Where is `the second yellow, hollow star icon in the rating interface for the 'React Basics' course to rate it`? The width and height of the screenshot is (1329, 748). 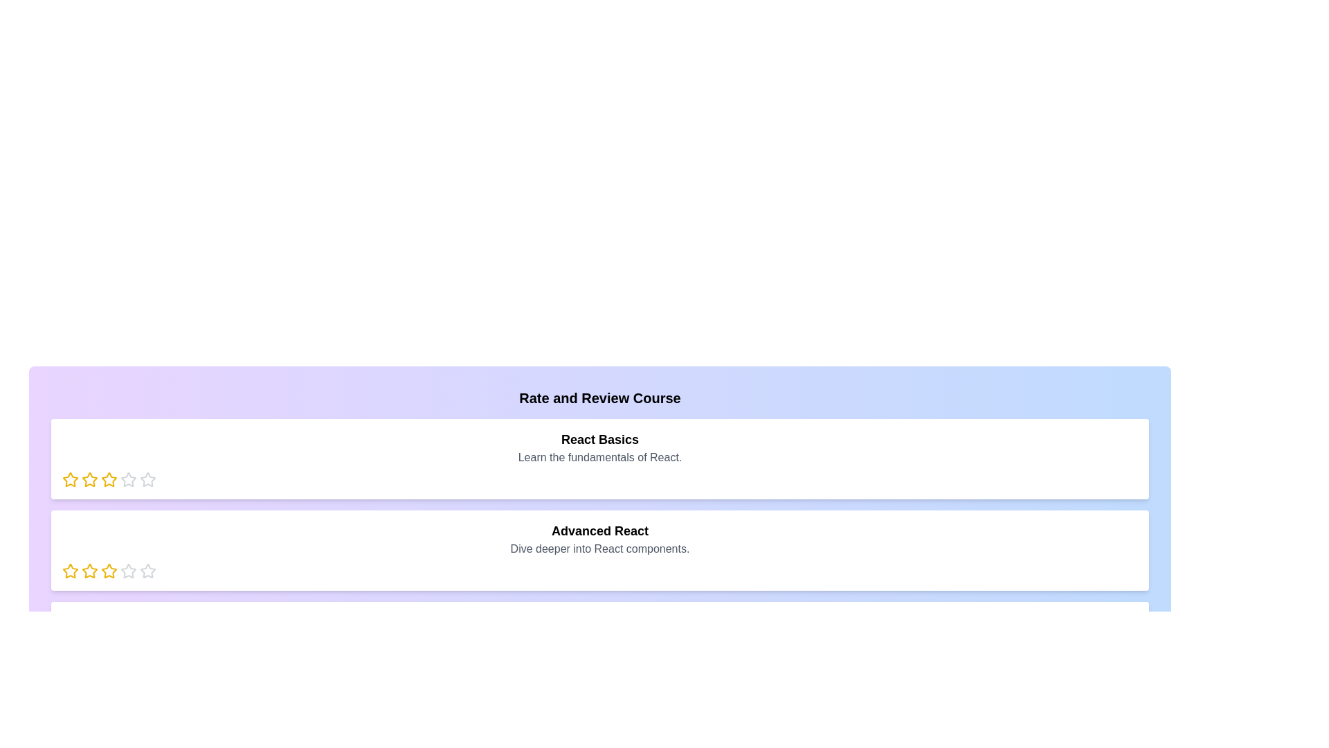
the second yellow, hollow star icon in the rating interface for the 'React Basics' course to rate it is located at coordinates (89, 479).